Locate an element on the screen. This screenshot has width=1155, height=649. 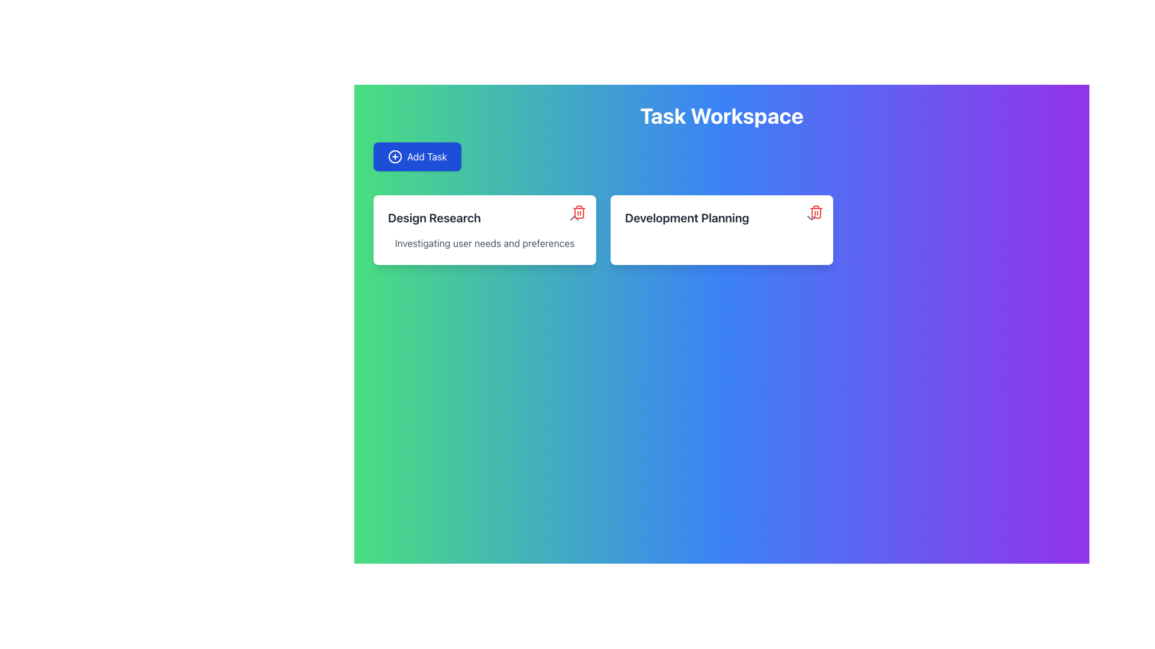
the trash icon button styled with a red color scheme located at the top-right corner of the 'Design Research' card is located at coordinates (579, 212).